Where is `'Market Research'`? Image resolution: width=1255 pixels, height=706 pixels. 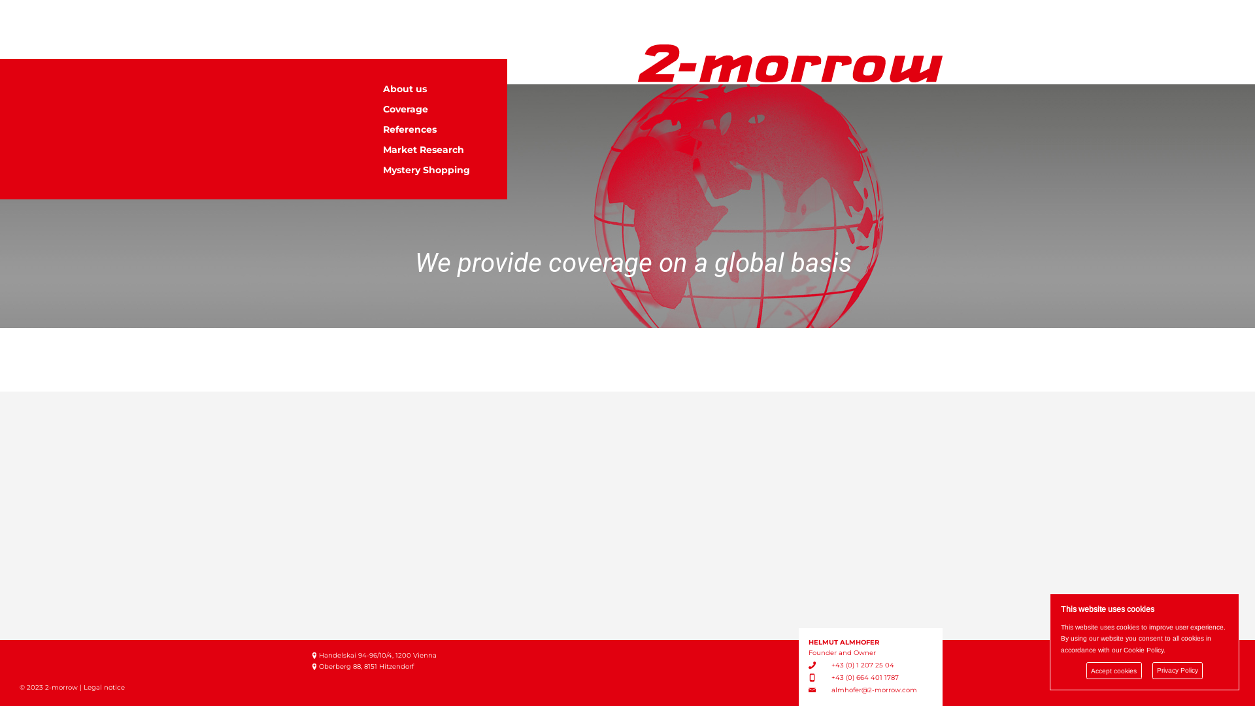
'Market Research' is located at coordinates (435, 148).